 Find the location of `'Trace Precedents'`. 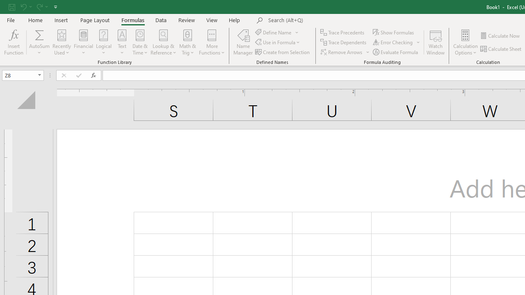

'Trace Precedents' is located at coordinates (343, 32).